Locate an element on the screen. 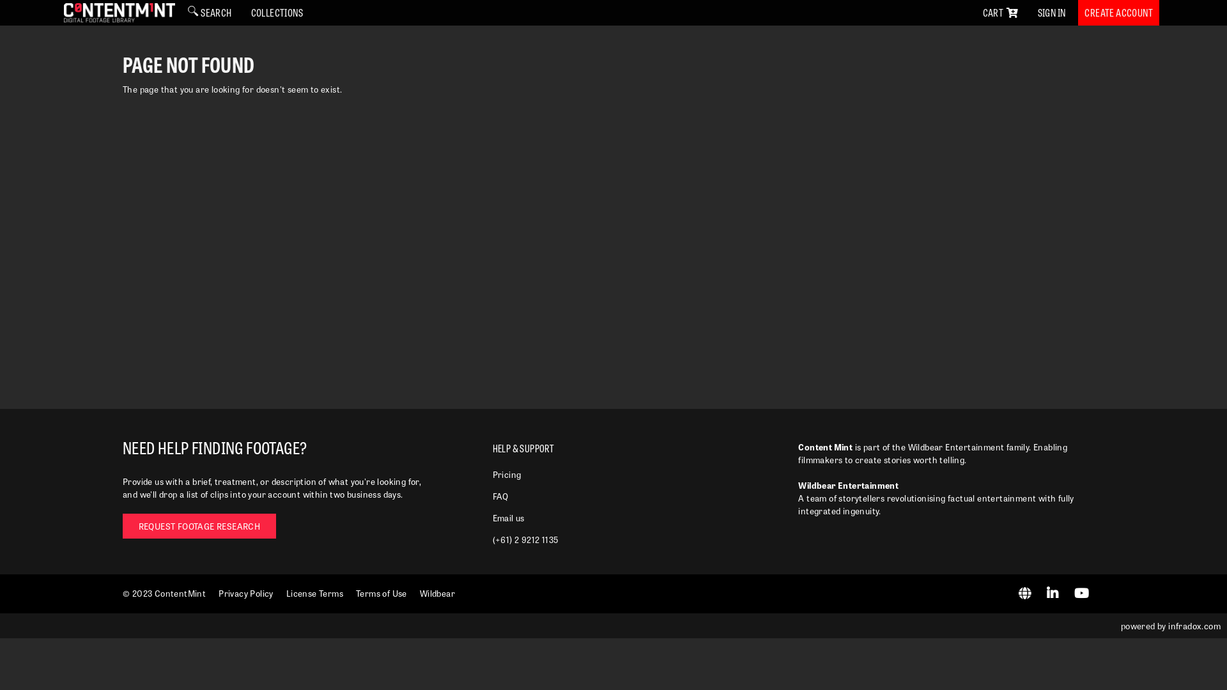  'SIGN IN' is located at coordinates (1052, 12).